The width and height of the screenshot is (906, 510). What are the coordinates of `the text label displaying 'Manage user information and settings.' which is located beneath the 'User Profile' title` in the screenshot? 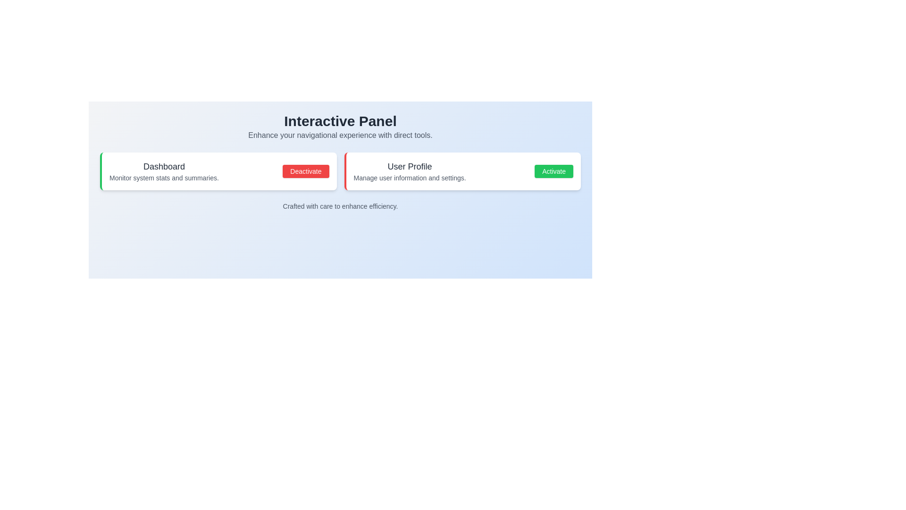 It's located at (410, 178).